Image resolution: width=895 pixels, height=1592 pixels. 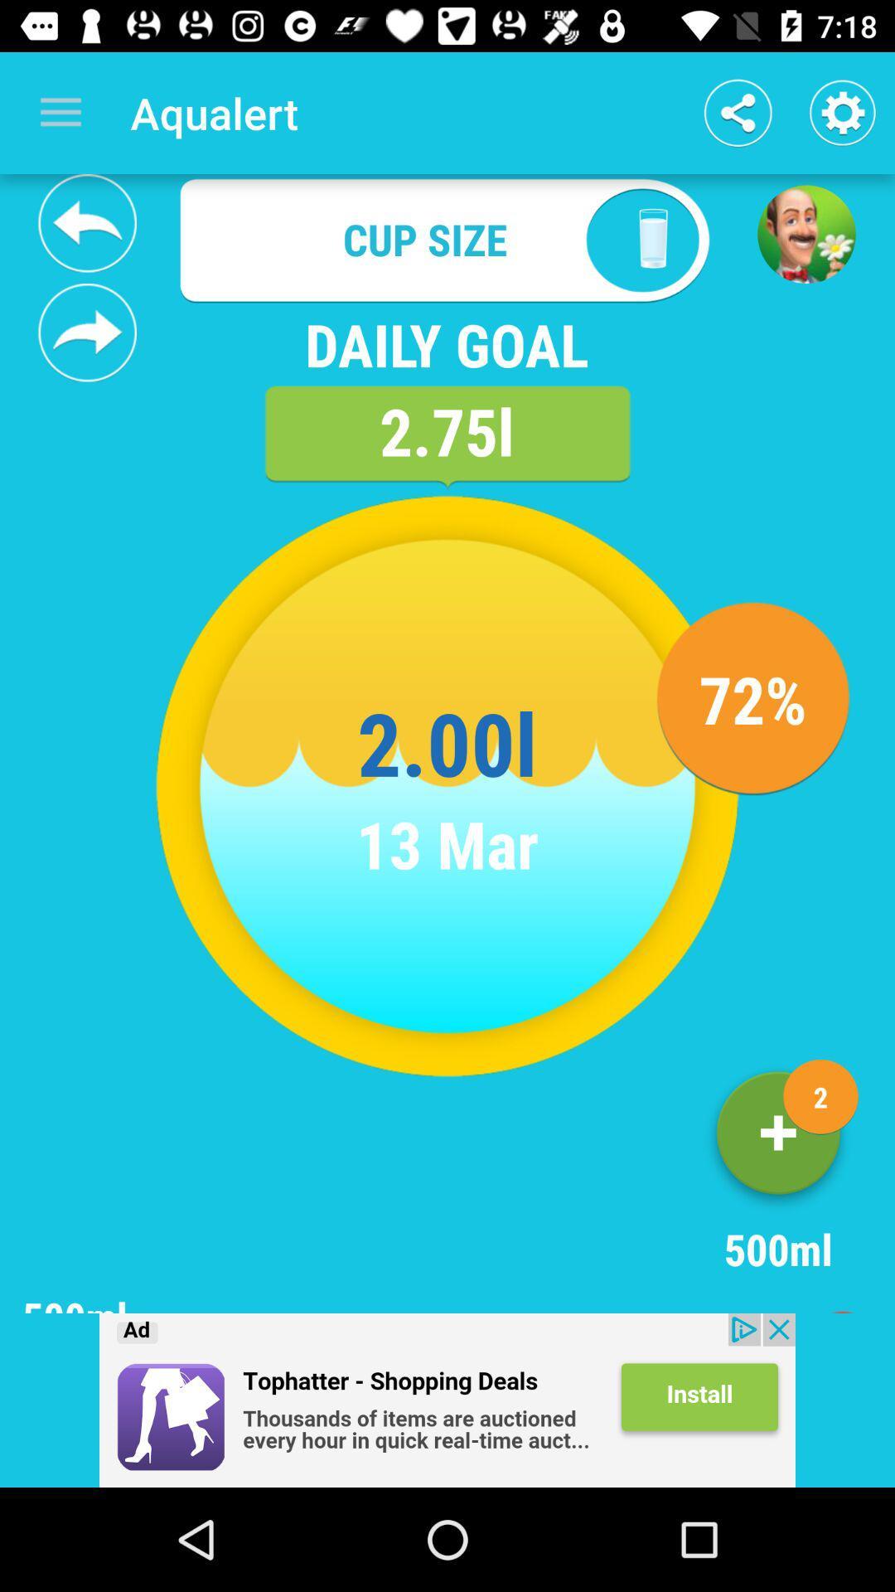 What do you see at coordinates (447, 238) in the screenshot?
I see `cup size field which is above daily goal` at bounding box center [447, 238].